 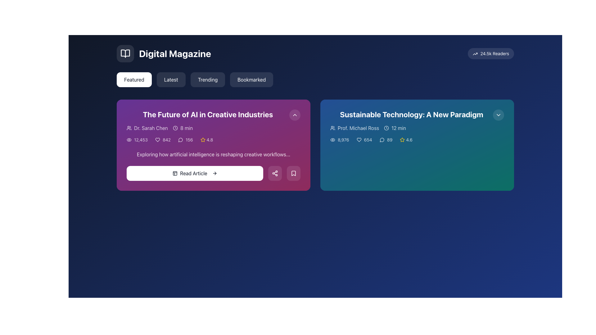 What do you see at coordinates (364, 140) in the screenshot?
I see `number of likes displayed in the text label located below the title 'Sustainable Technology: A New Paradigm' in the rightmost card of the interface, which is the third element in the row after '8,976' and a heart icon` at bounding box center [364, 140].